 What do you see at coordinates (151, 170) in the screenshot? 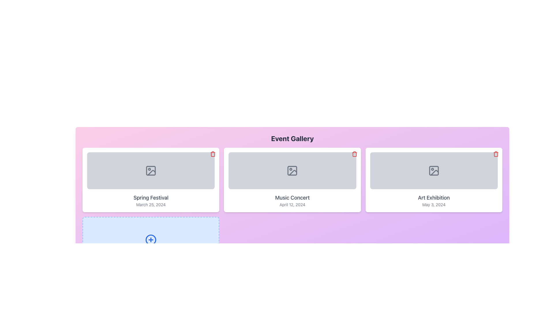
I see `the Image Placeholder which is a rectangle with rounded corners and a grey background, featuring a light grey photo icon, located at the top area of the 'Spring Festival' card in the event gallery` at bounding box center [151, 170].